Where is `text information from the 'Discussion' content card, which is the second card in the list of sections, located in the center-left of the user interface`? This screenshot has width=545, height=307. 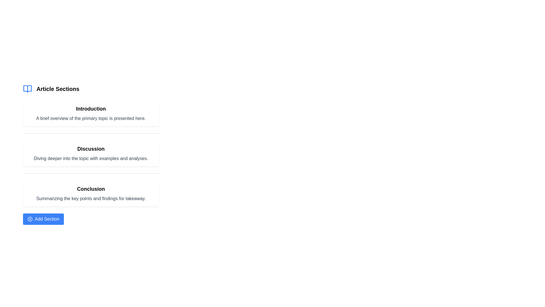
text information from the 'Discussion' content card, which is the second card in the list of sections, located in the center-left of the user interface is located at coordinates (91, 154).